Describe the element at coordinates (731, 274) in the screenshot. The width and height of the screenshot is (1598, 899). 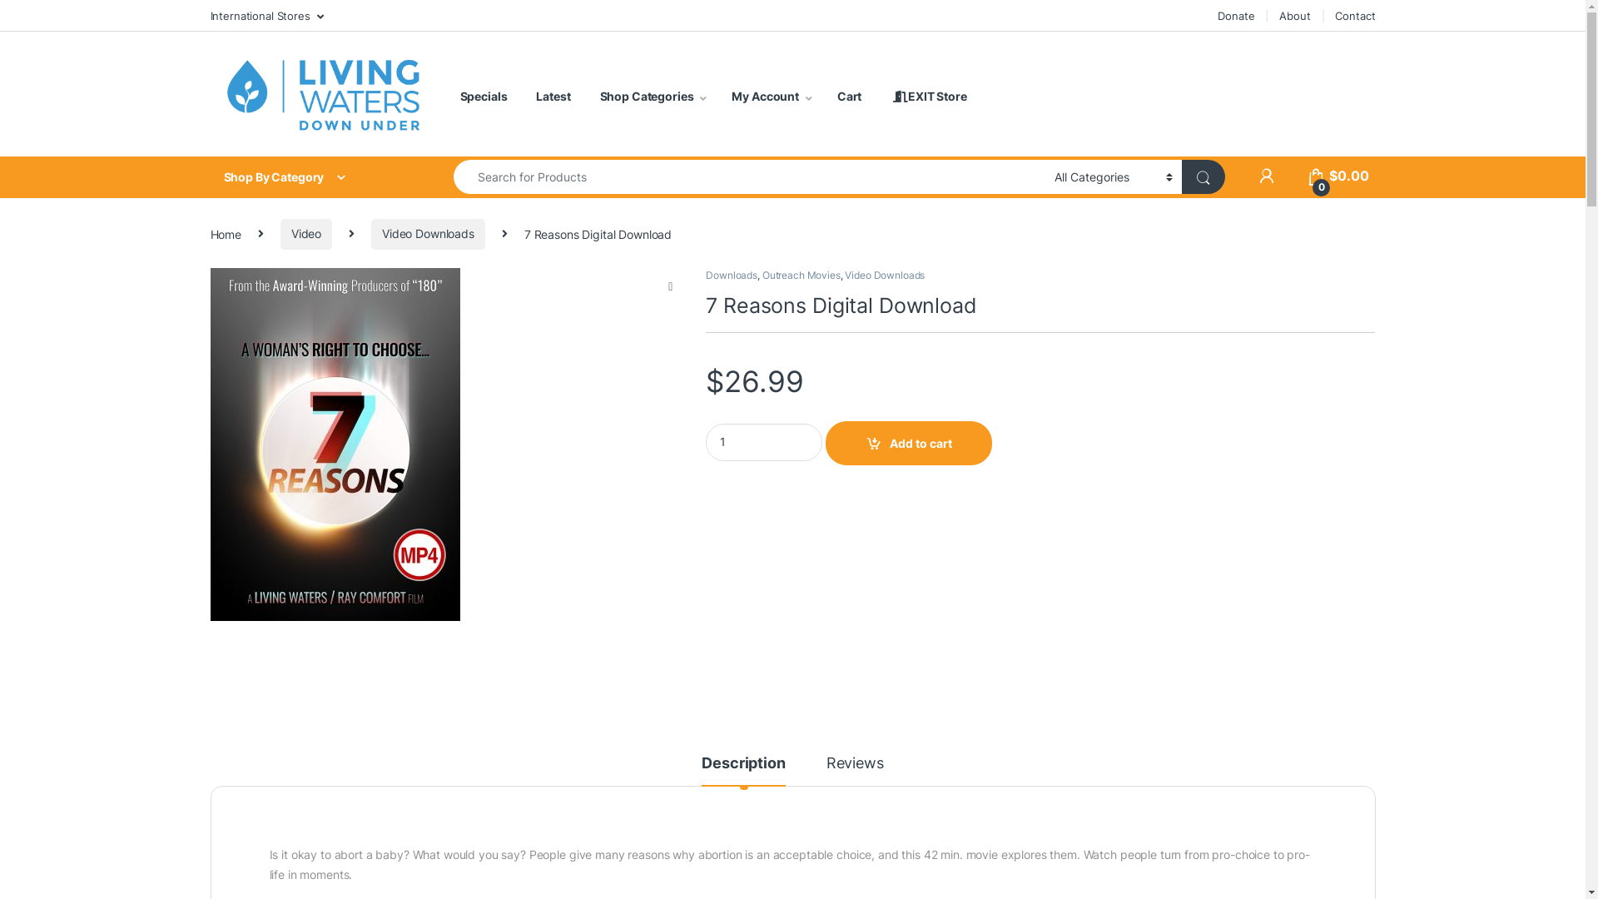
I see `'Downloads'` at that location.